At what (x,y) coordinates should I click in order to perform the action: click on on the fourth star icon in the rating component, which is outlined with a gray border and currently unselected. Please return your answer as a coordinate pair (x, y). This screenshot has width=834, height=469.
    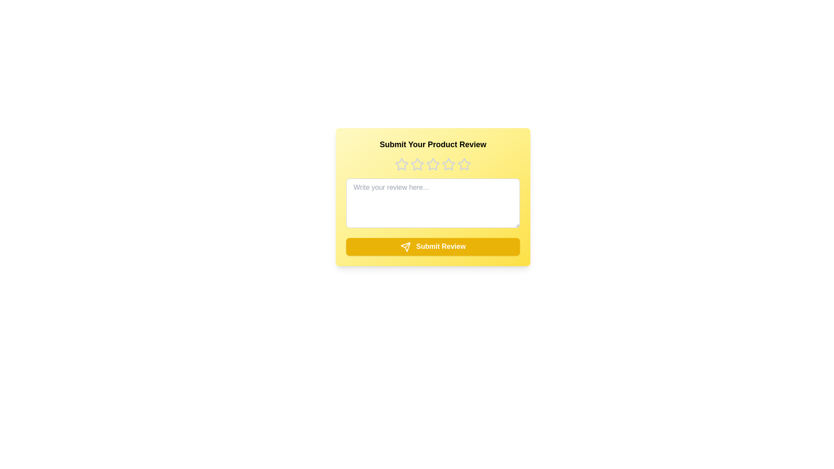
    Looking at the image, I should click on (433, 164).